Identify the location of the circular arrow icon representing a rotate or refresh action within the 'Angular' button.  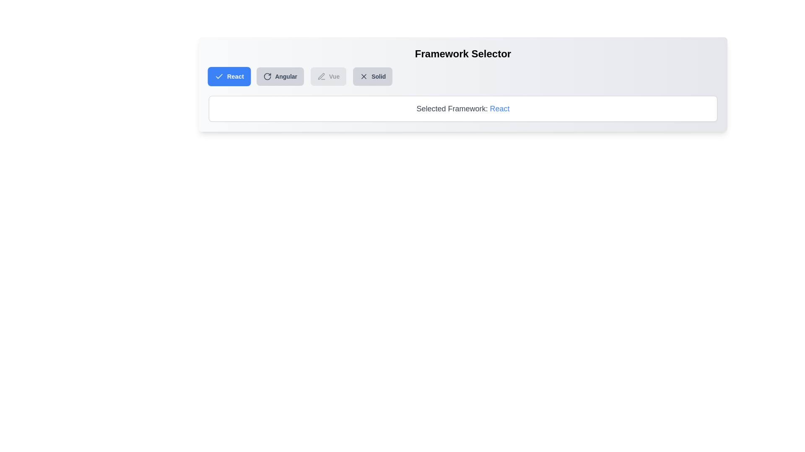
(267, 76).